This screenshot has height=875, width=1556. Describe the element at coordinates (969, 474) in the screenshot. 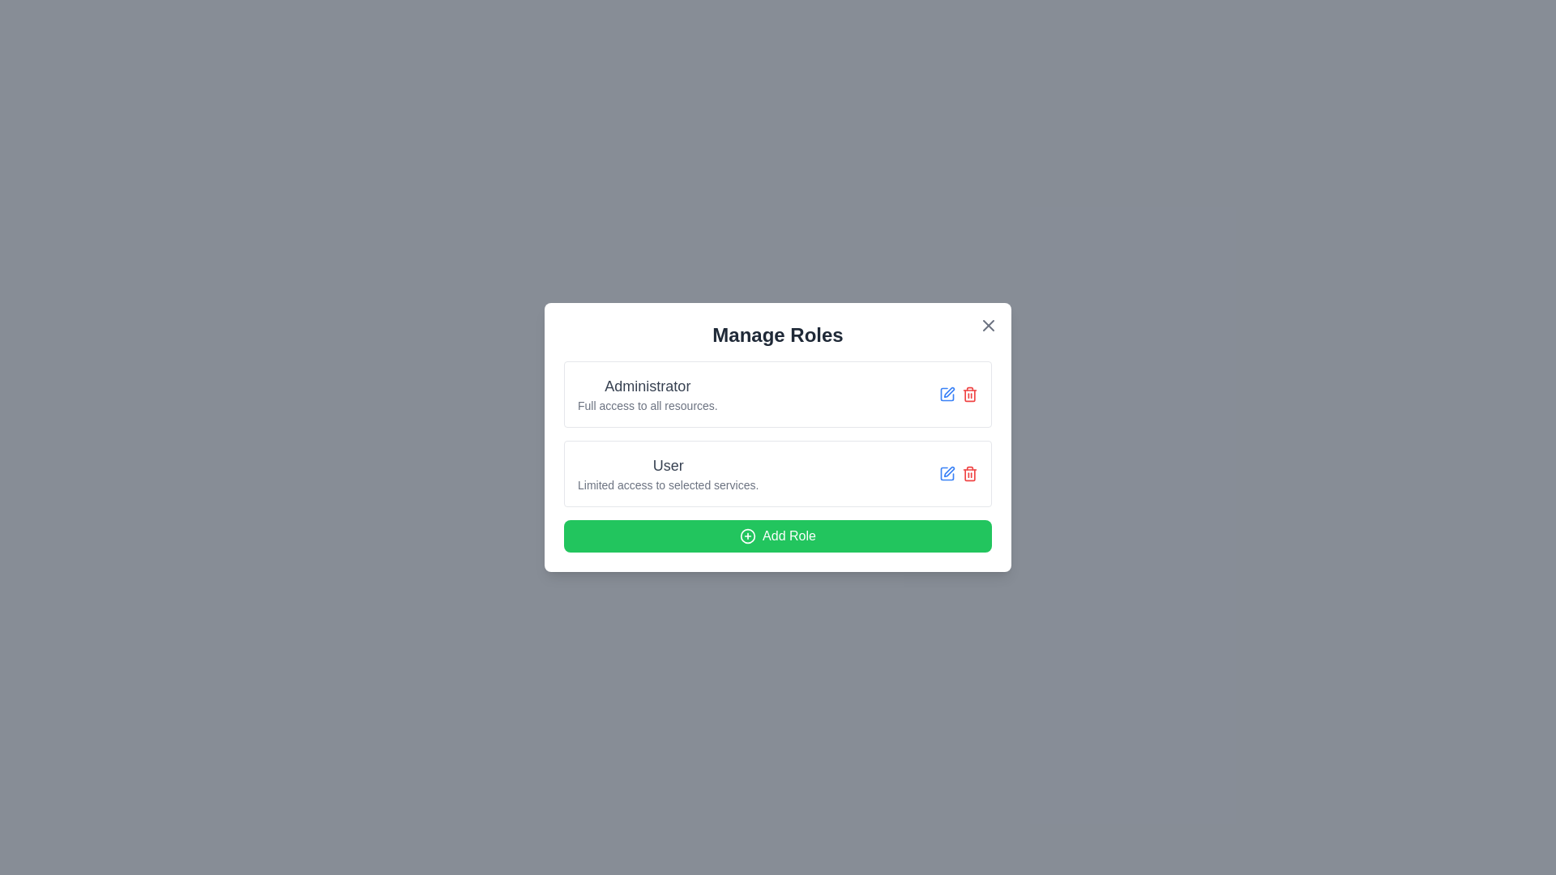

I see `the trash bin icon button, which is red and located in the bottom right of the user role management interface, for visual feedback` at that location.